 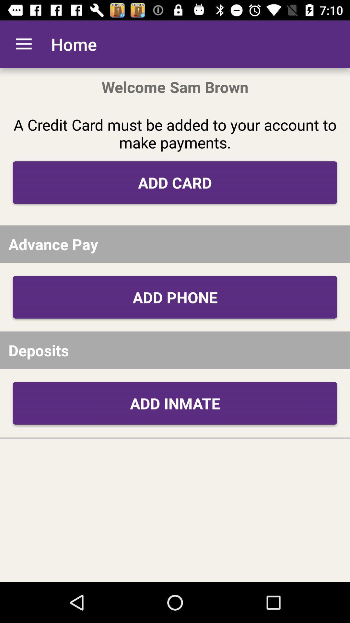 I want to click on the add phone, so click(x=175, y=297).